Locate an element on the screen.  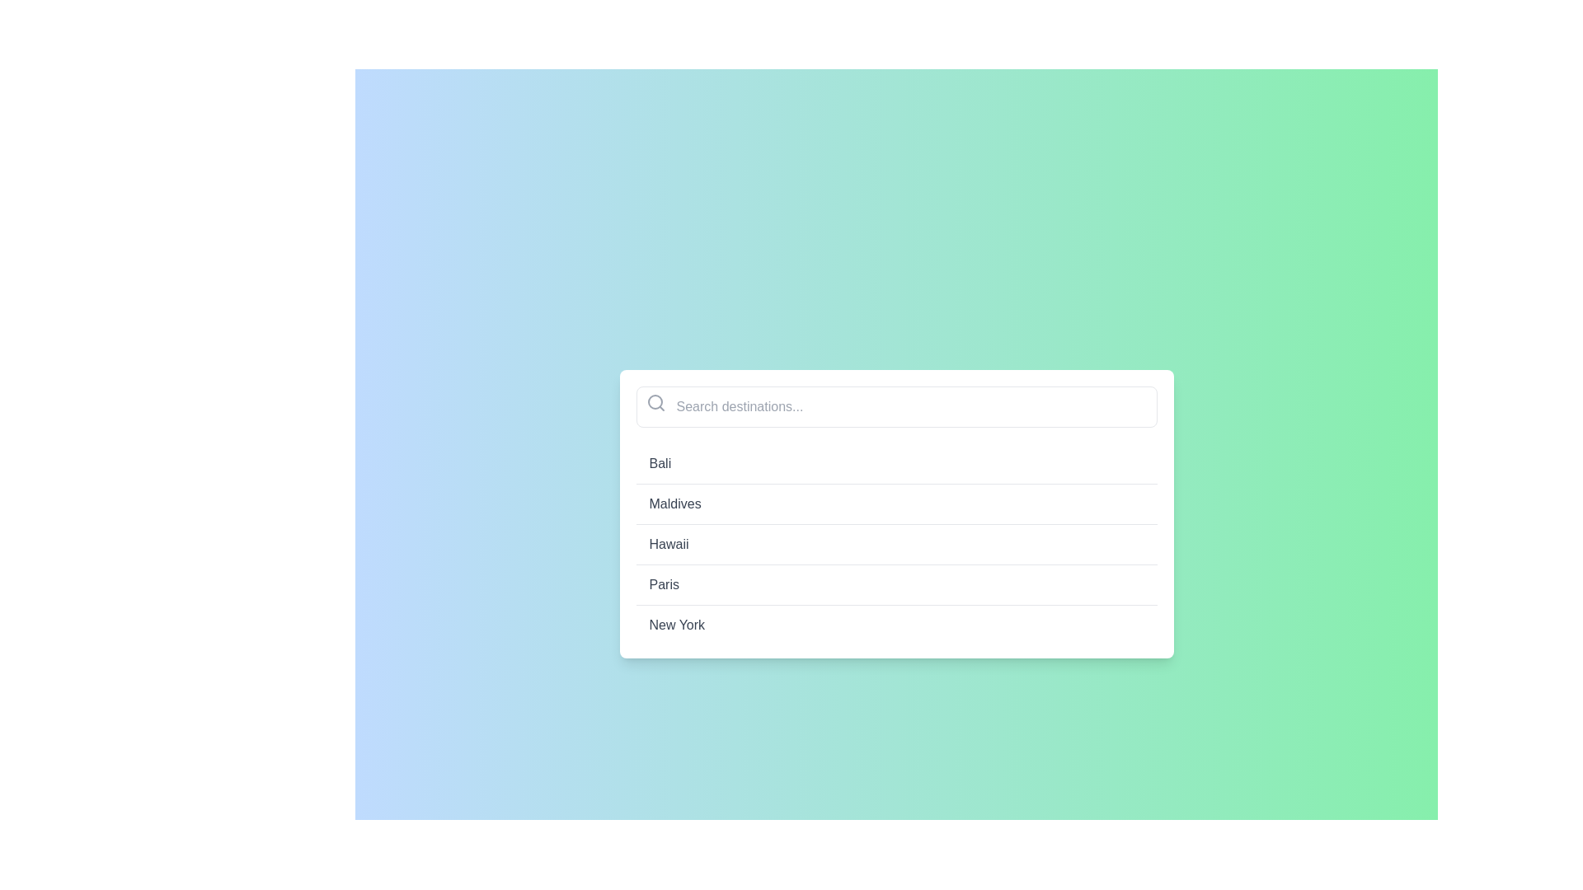
the circular graphical element styled as part of the search icon located in the top-left corner of the input box is located at coordinates (654, 402).